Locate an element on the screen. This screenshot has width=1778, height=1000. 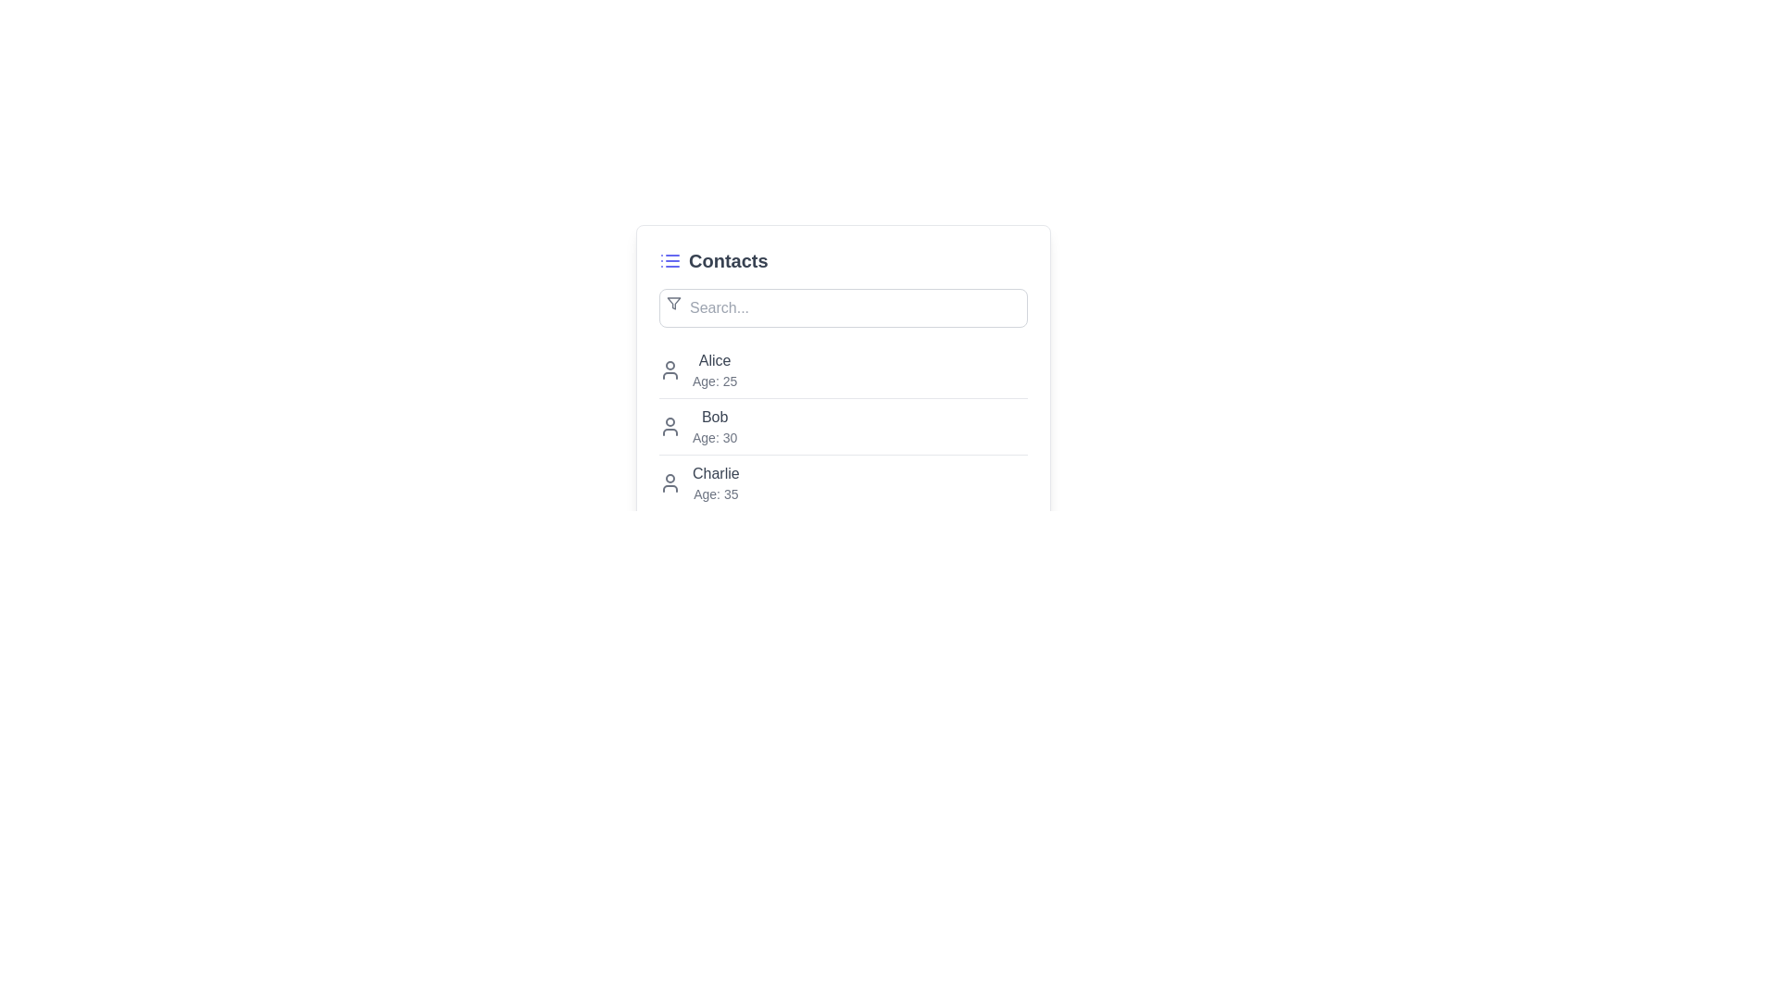
the filter icon, represented as a minimalistic funnel symbol, located in the top-left corner above the search bar in the contacts interface is located at coordinates (673, 302).